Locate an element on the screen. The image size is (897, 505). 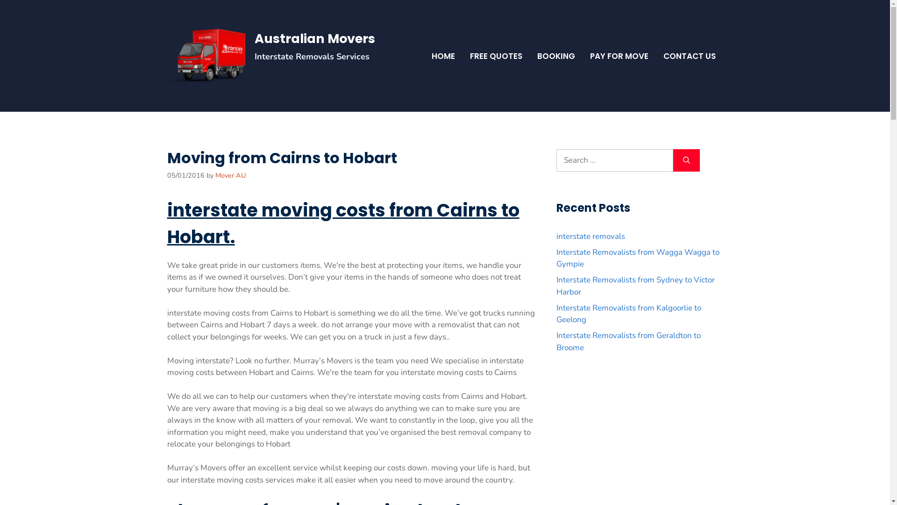
'FREE QUOTES' is located at coordinates (495, 56).